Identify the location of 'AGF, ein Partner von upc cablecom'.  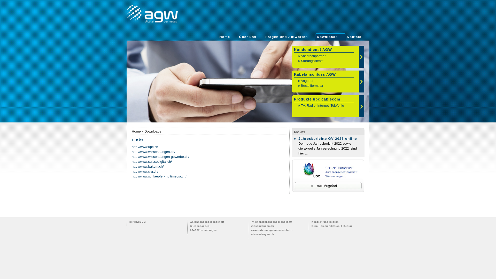
(328, 175).